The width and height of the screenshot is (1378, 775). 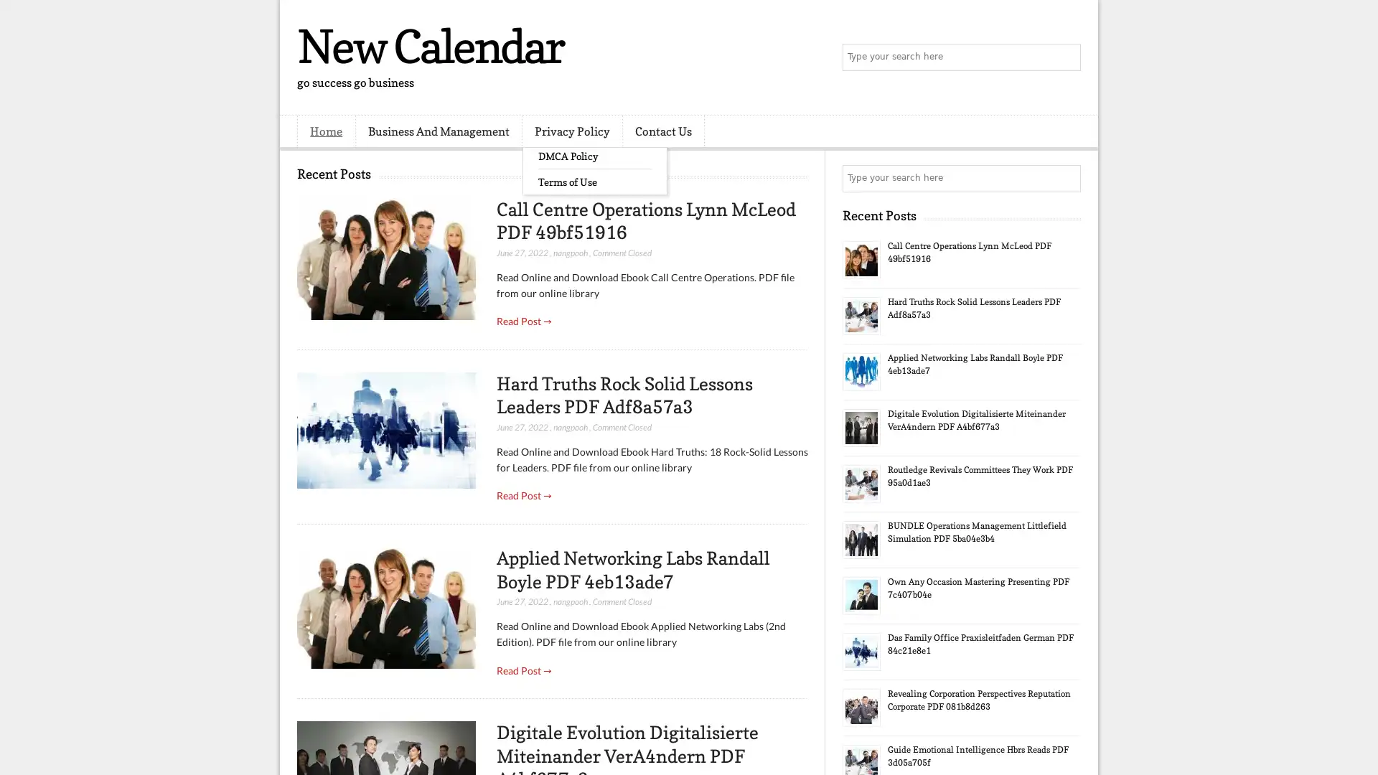 I want to click on Search, so click(x=1066, y=178).